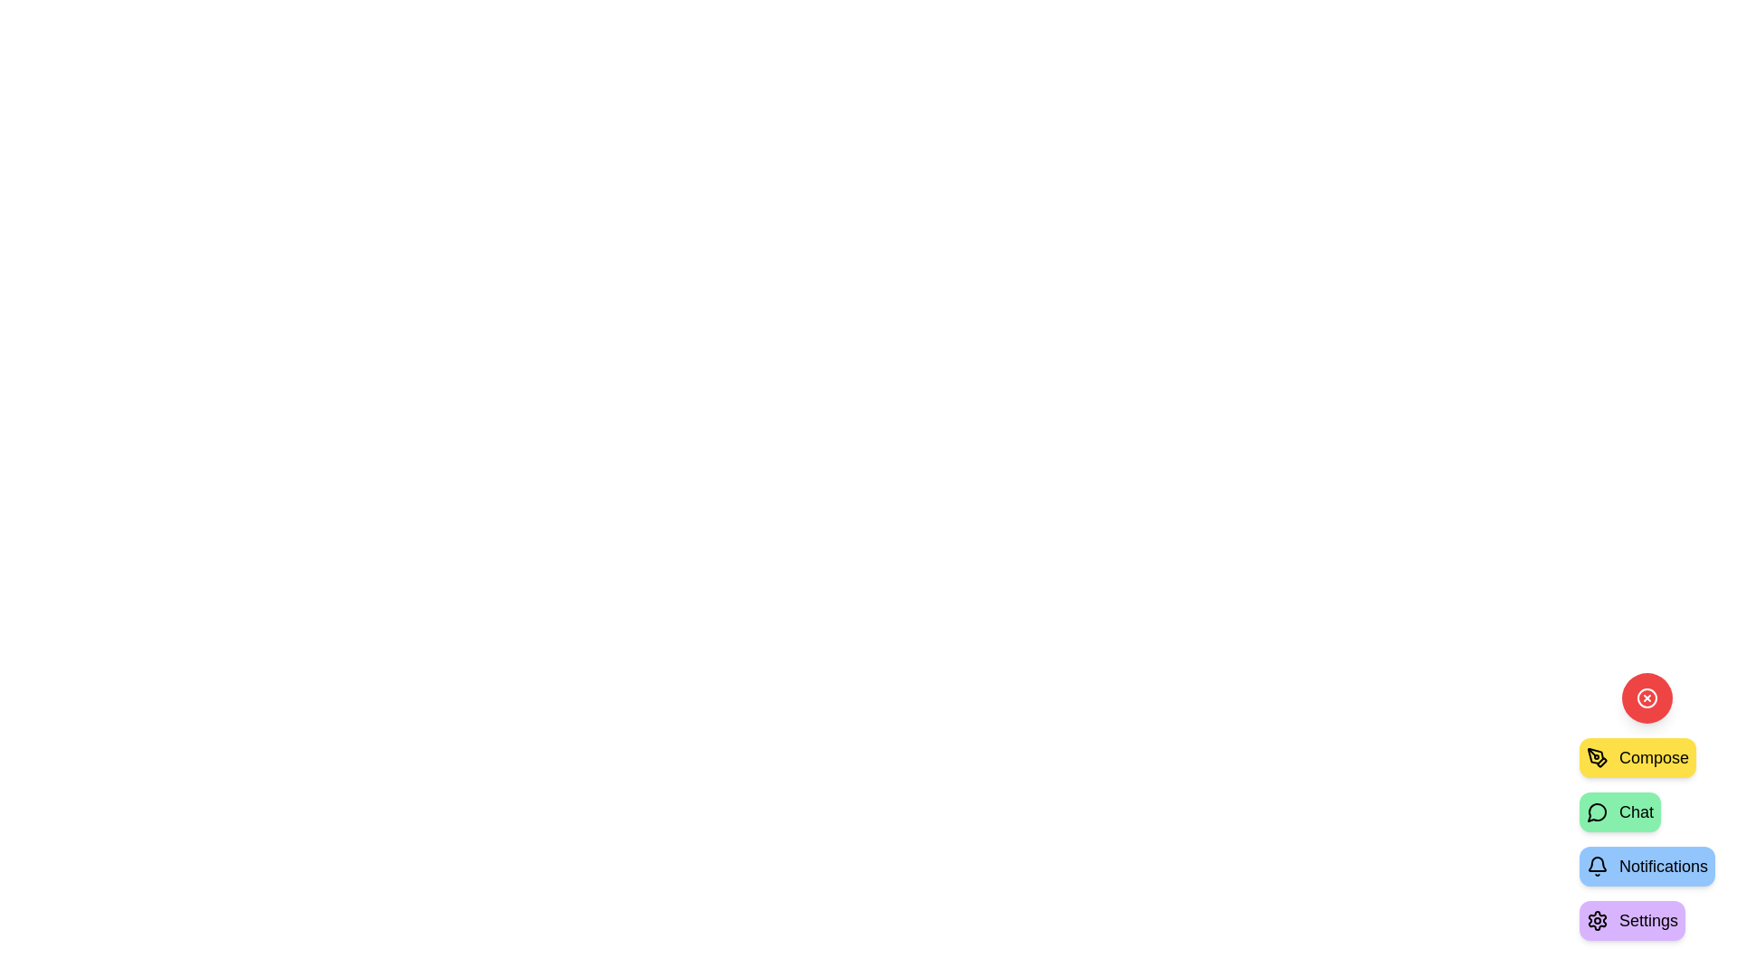  What do you see at coordinates (1637, 757) in the screenshot?
I see `the 'Compose' button to select the 'Compose' action` at bounding box center [1637, 757].